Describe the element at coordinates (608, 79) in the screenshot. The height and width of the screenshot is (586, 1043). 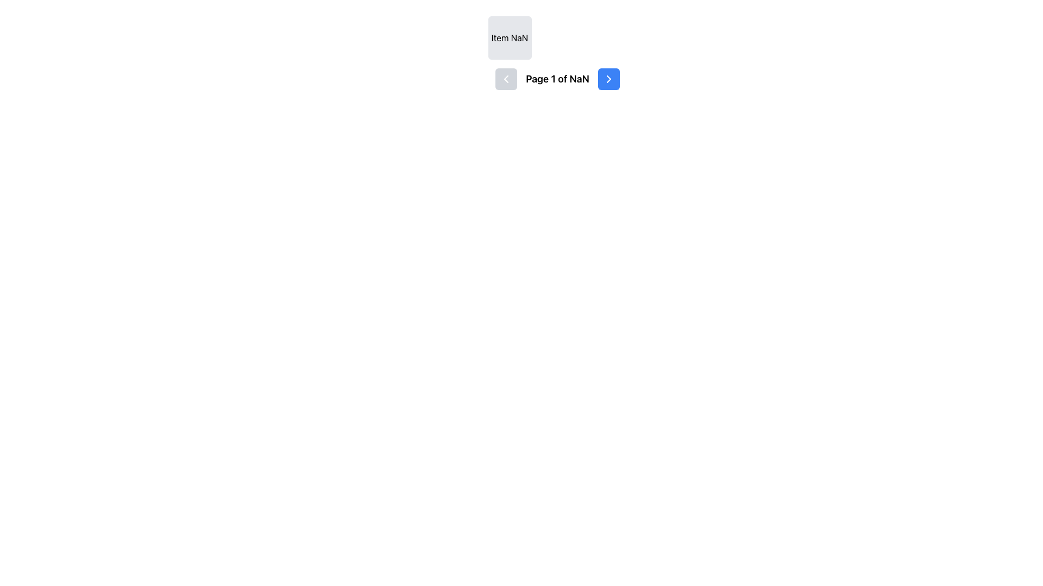
I see `the forward navigation button, which is styled as a chevron icon within a rounded blue button, located on the right-hand side of the navigation section next to the page indicator text` at that location.